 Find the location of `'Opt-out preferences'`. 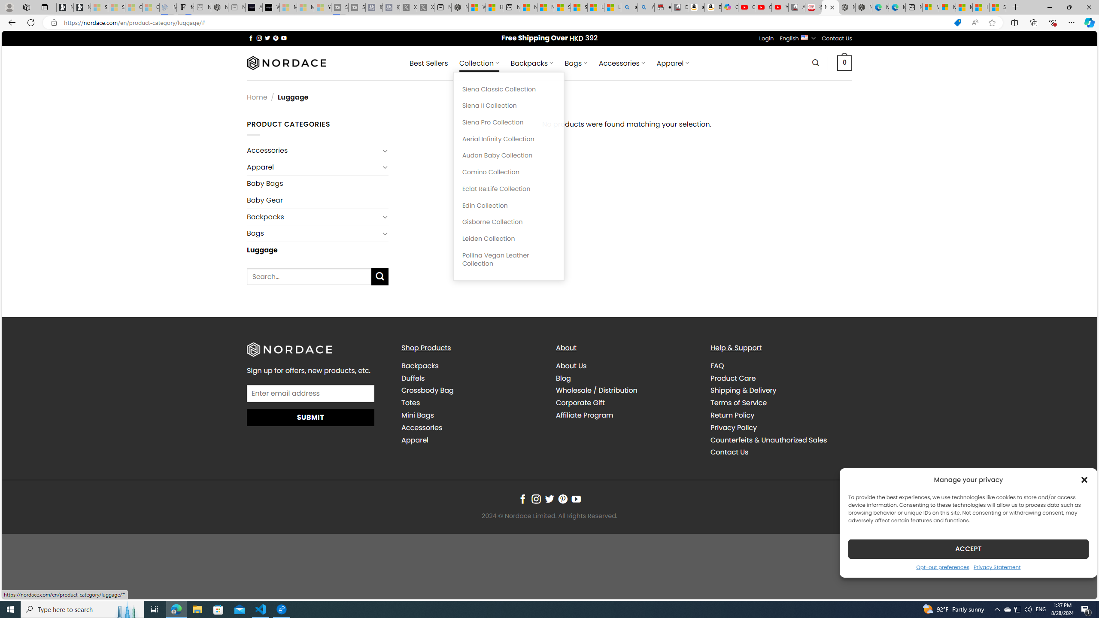

'Opt-out preferences' is located at coordinates (943, 566).